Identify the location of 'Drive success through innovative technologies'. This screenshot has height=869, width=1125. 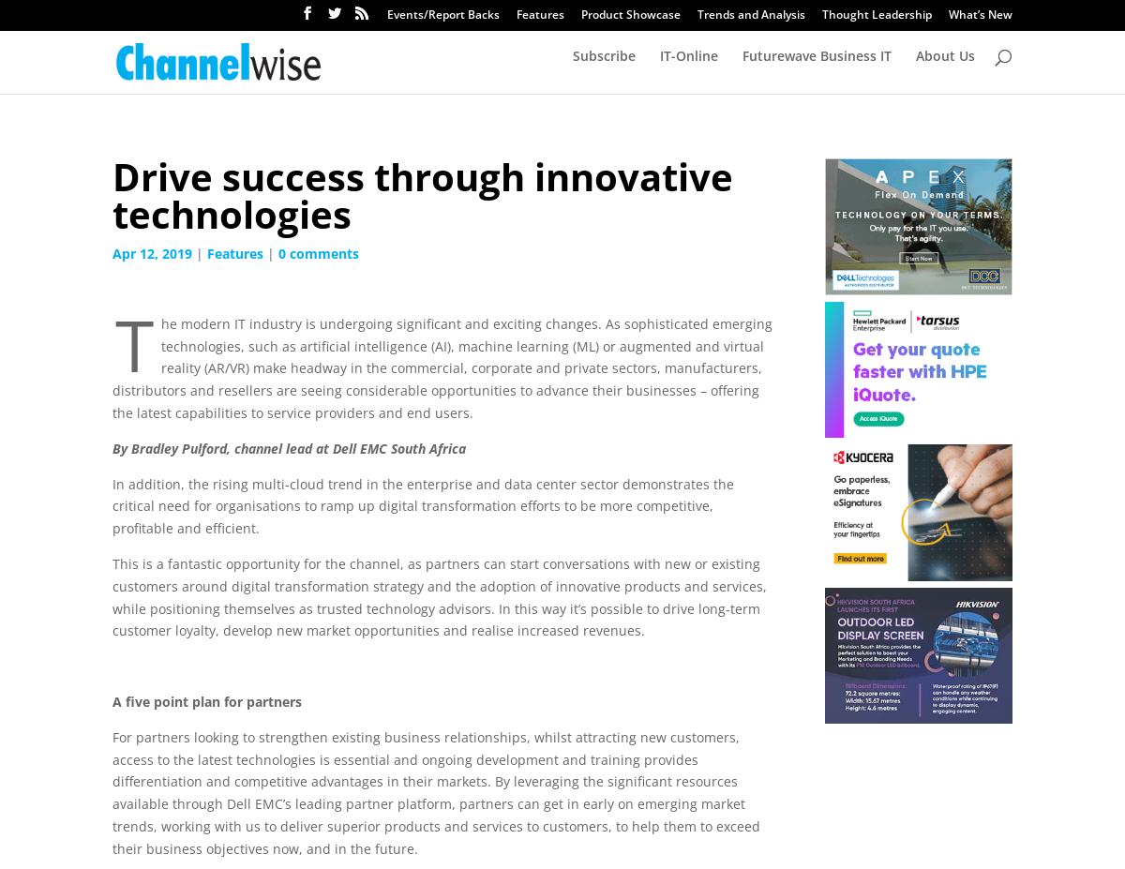
(112, 195).